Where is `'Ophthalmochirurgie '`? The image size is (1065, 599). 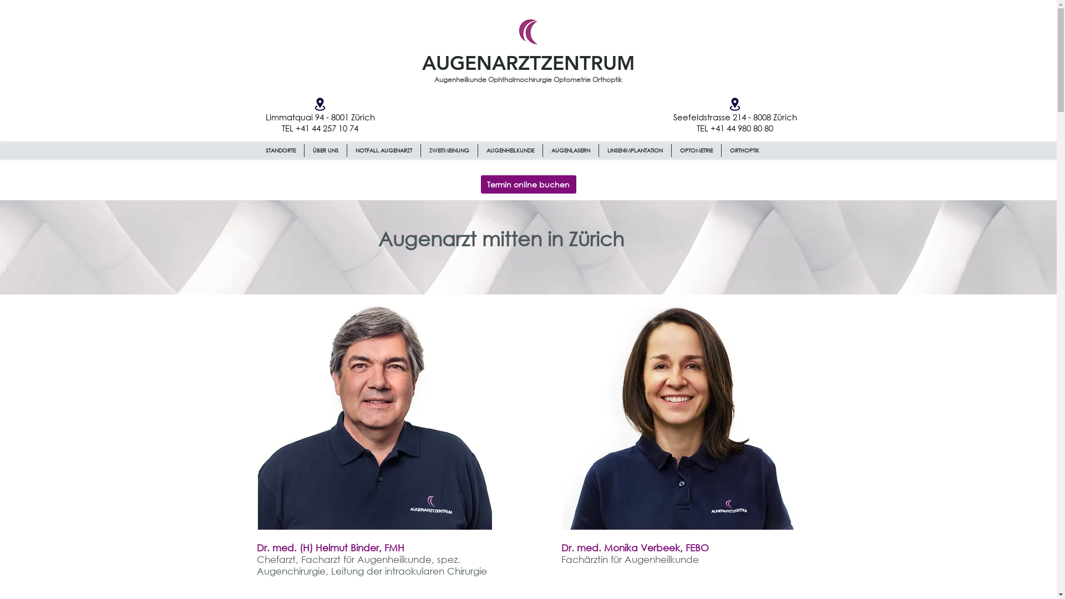
'Ophthalmochirurgie ' is located at coordinates (520, 79).